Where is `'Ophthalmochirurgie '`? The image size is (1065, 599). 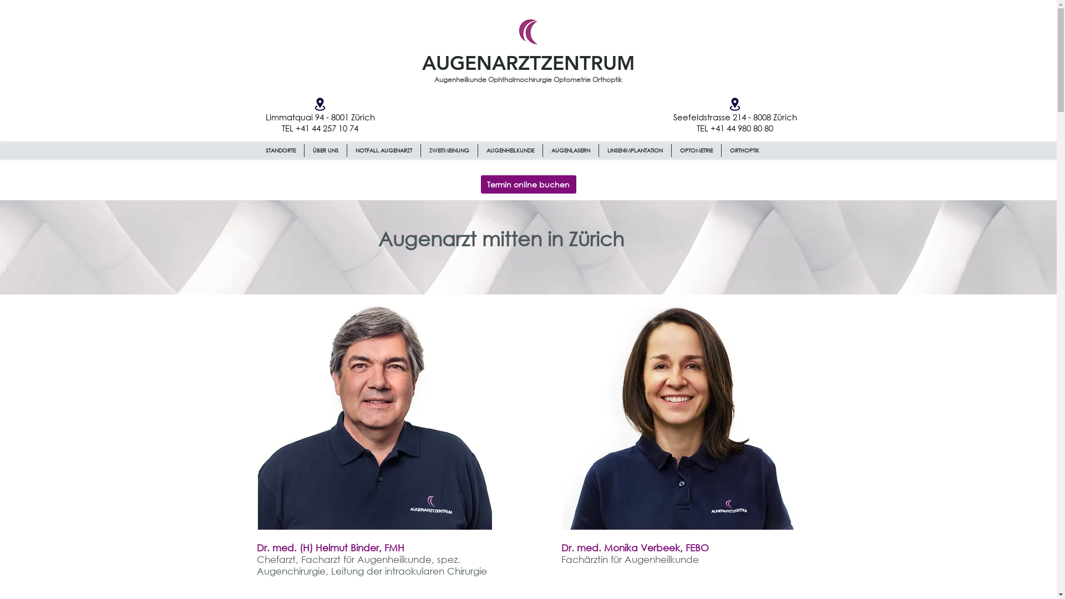
'Ophthalmochirurgie ' is located at coordinates (520, 79).